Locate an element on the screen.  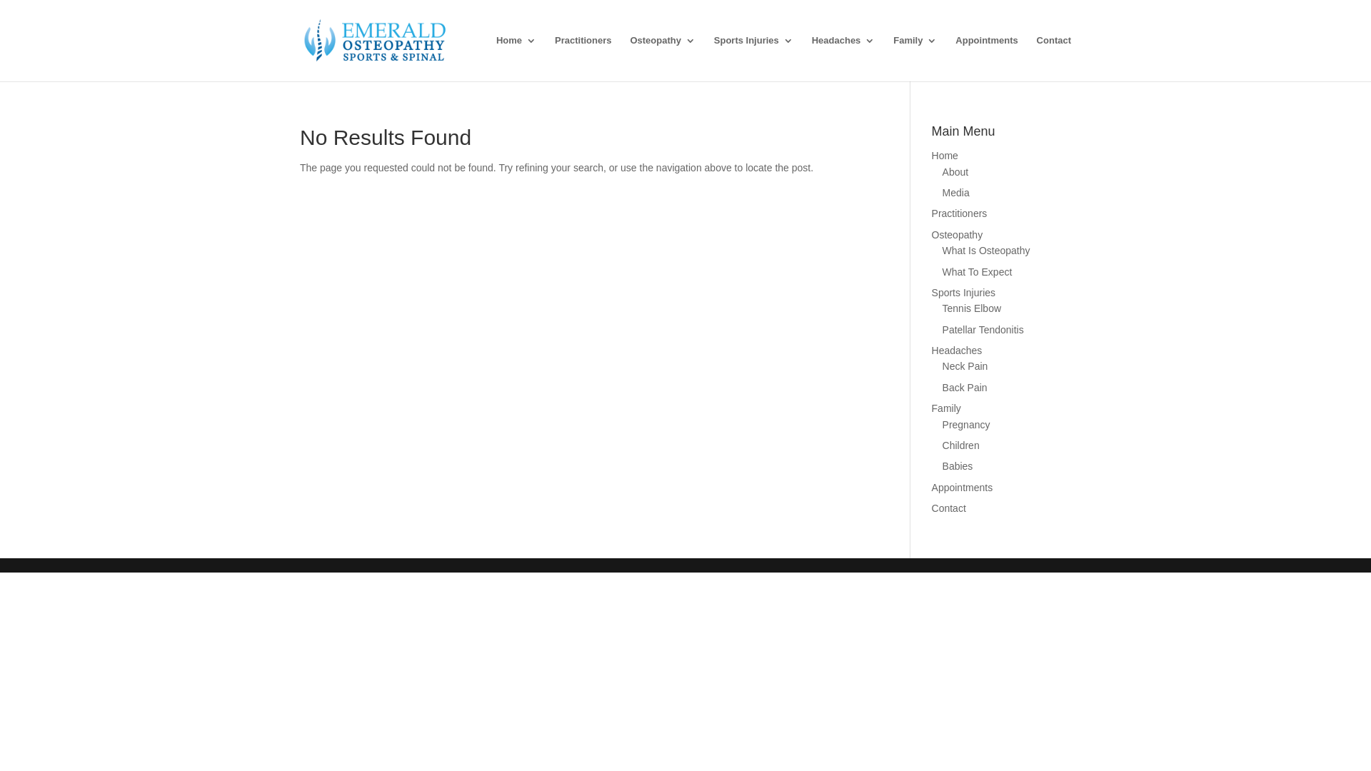
'Headaches' is located at coordinates (932, 350).